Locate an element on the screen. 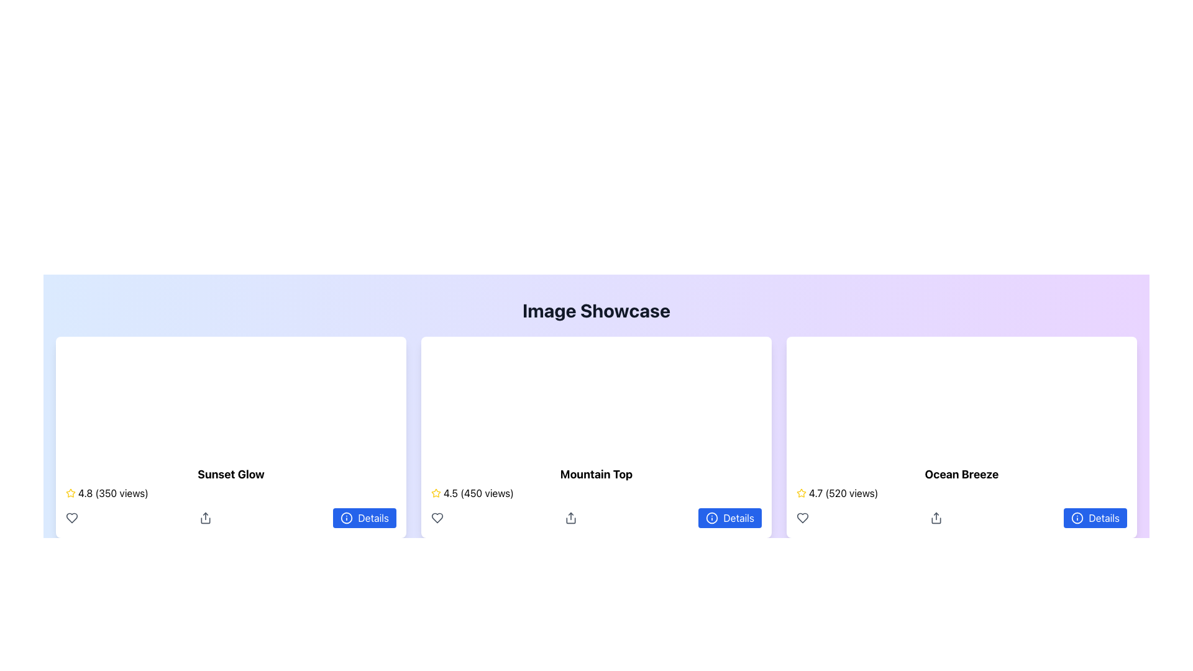  the heart icon located at the bottom left inside the 'Mountain Top' card is located at coordinates (437, 518).